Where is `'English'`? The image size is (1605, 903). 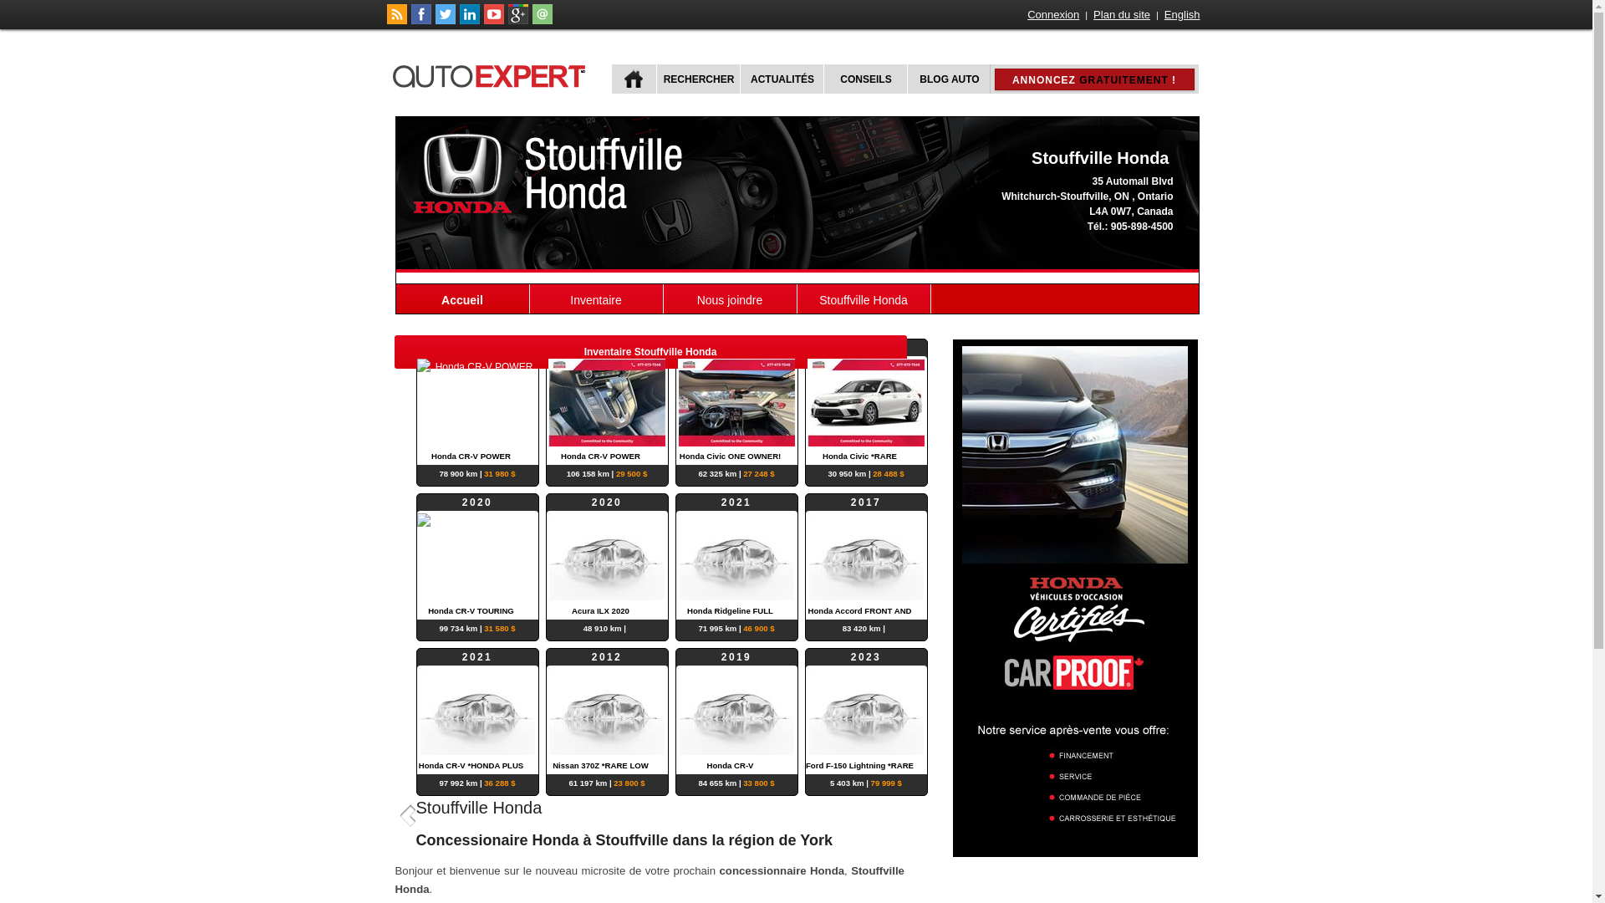 'English' is located at coordinates (1181, 14).